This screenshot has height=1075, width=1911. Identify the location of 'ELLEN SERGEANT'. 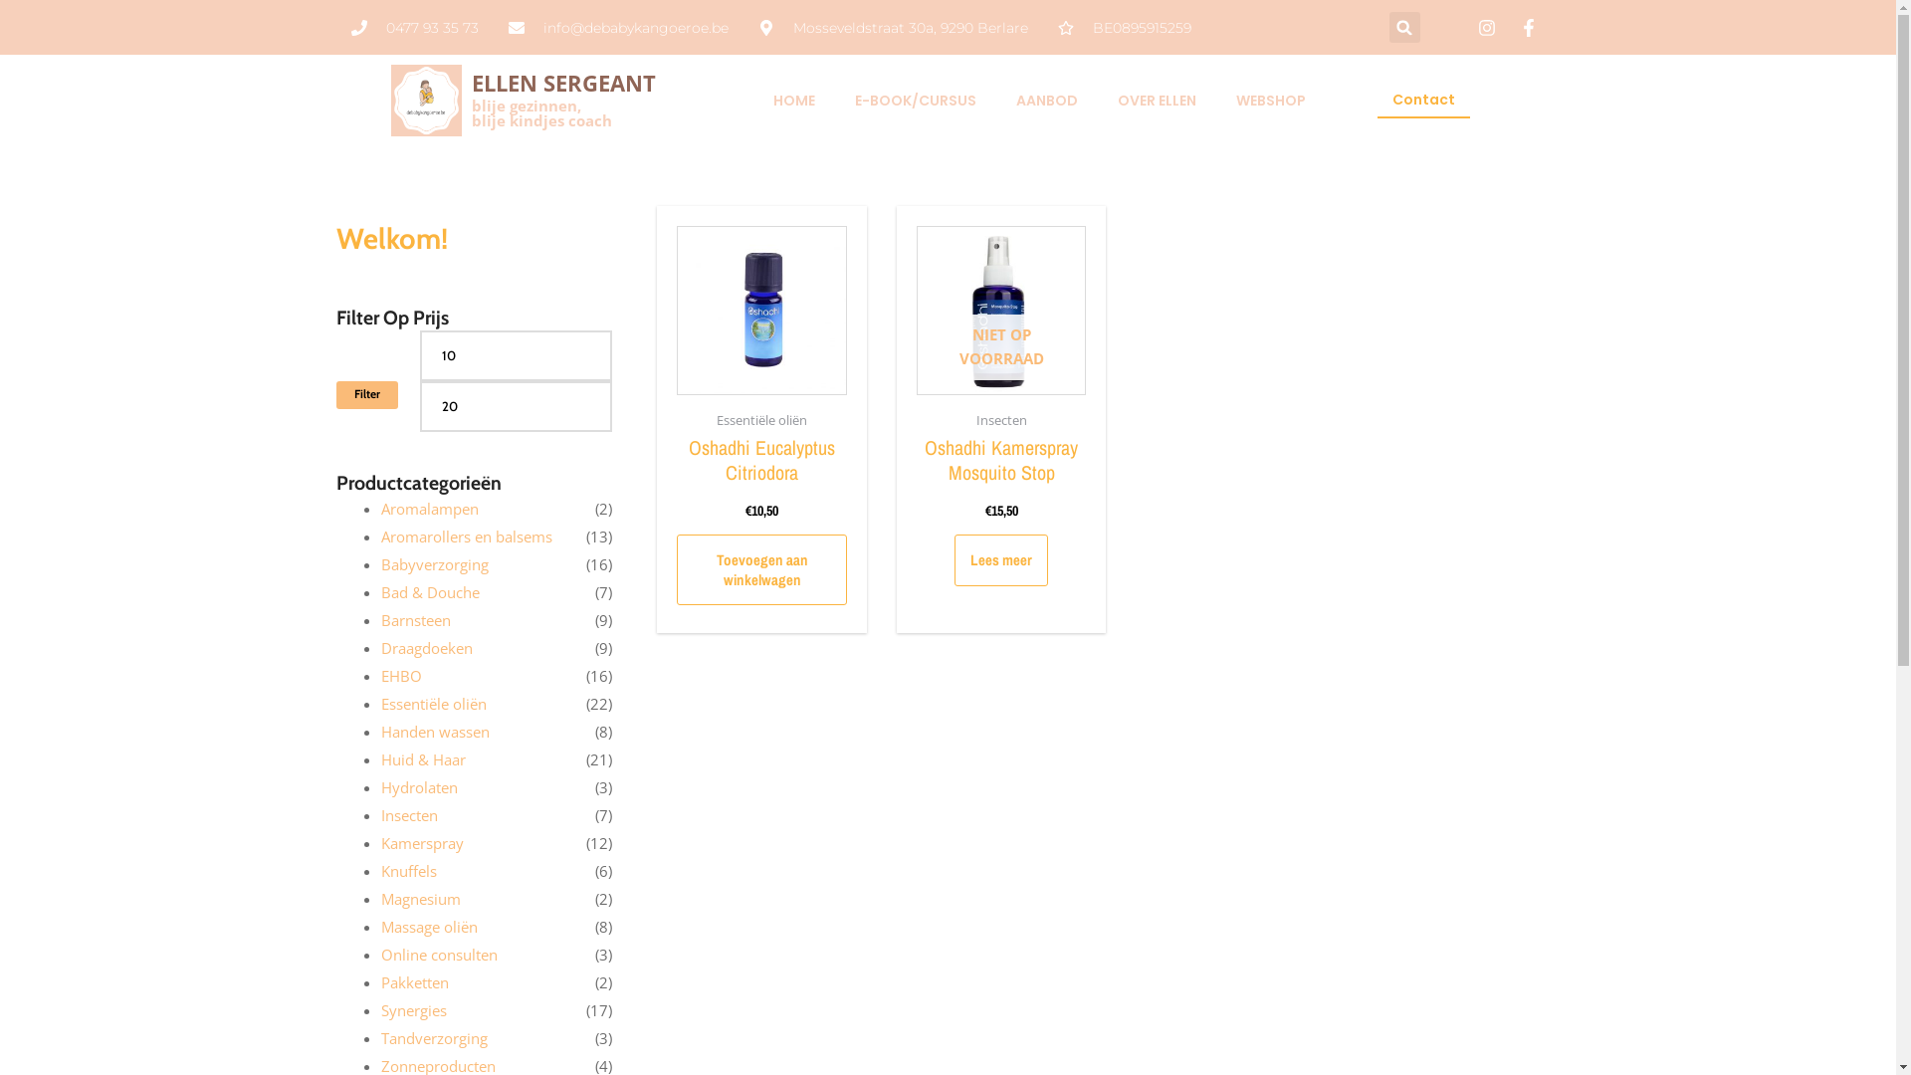
(471, 82).